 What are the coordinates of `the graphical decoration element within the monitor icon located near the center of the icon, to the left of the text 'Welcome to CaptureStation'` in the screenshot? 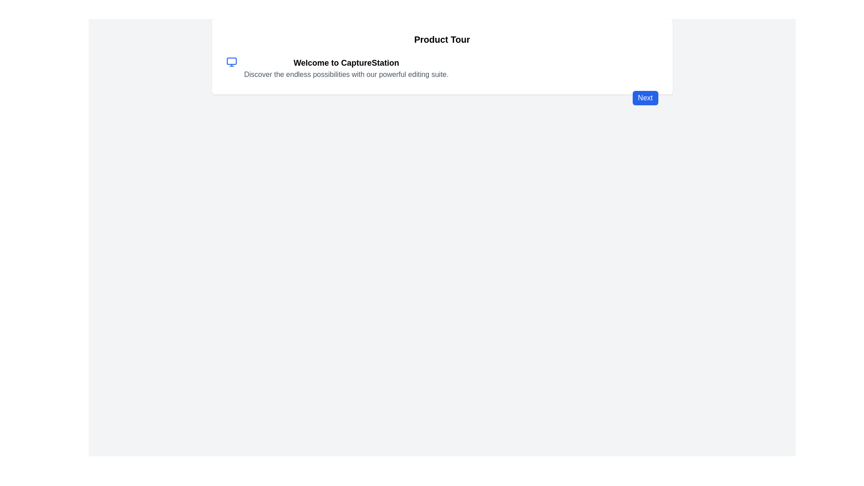 It's located at (231, 61).